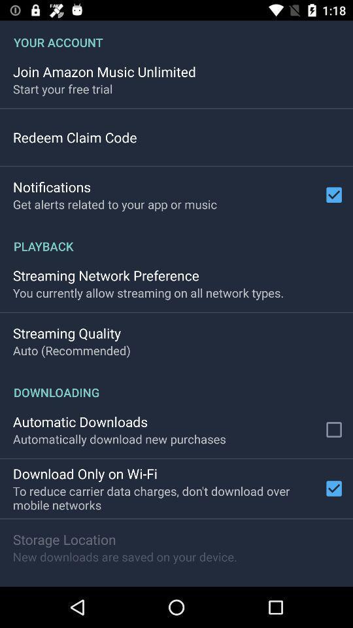 The image size is (353, 628). What do you see at coordinates (115, 204) in the screenshot?
I see `app above playback app` at bounding box center [115, 204].